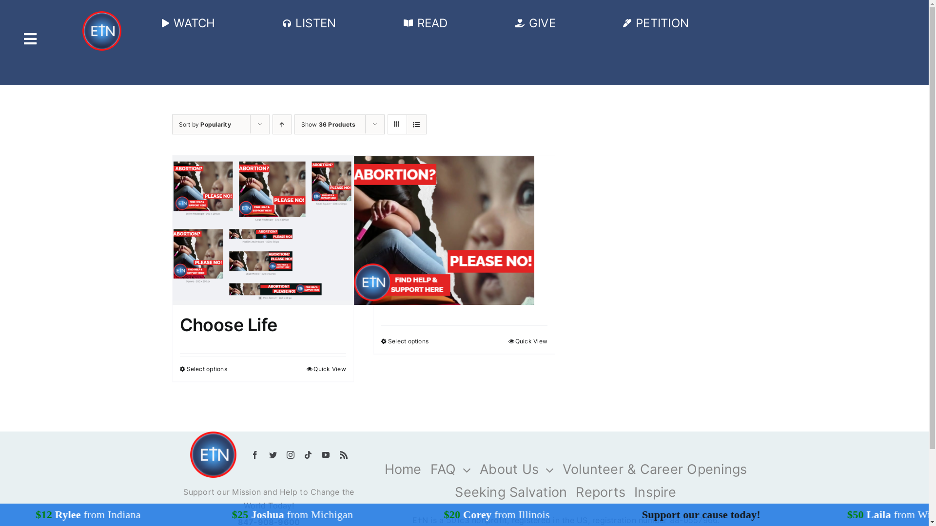 This screenshot has width=936, height=526. What do you see at coordinates (343, 454) in the screenshot?
I see `'Rss'` at bounding box center [343, 454].